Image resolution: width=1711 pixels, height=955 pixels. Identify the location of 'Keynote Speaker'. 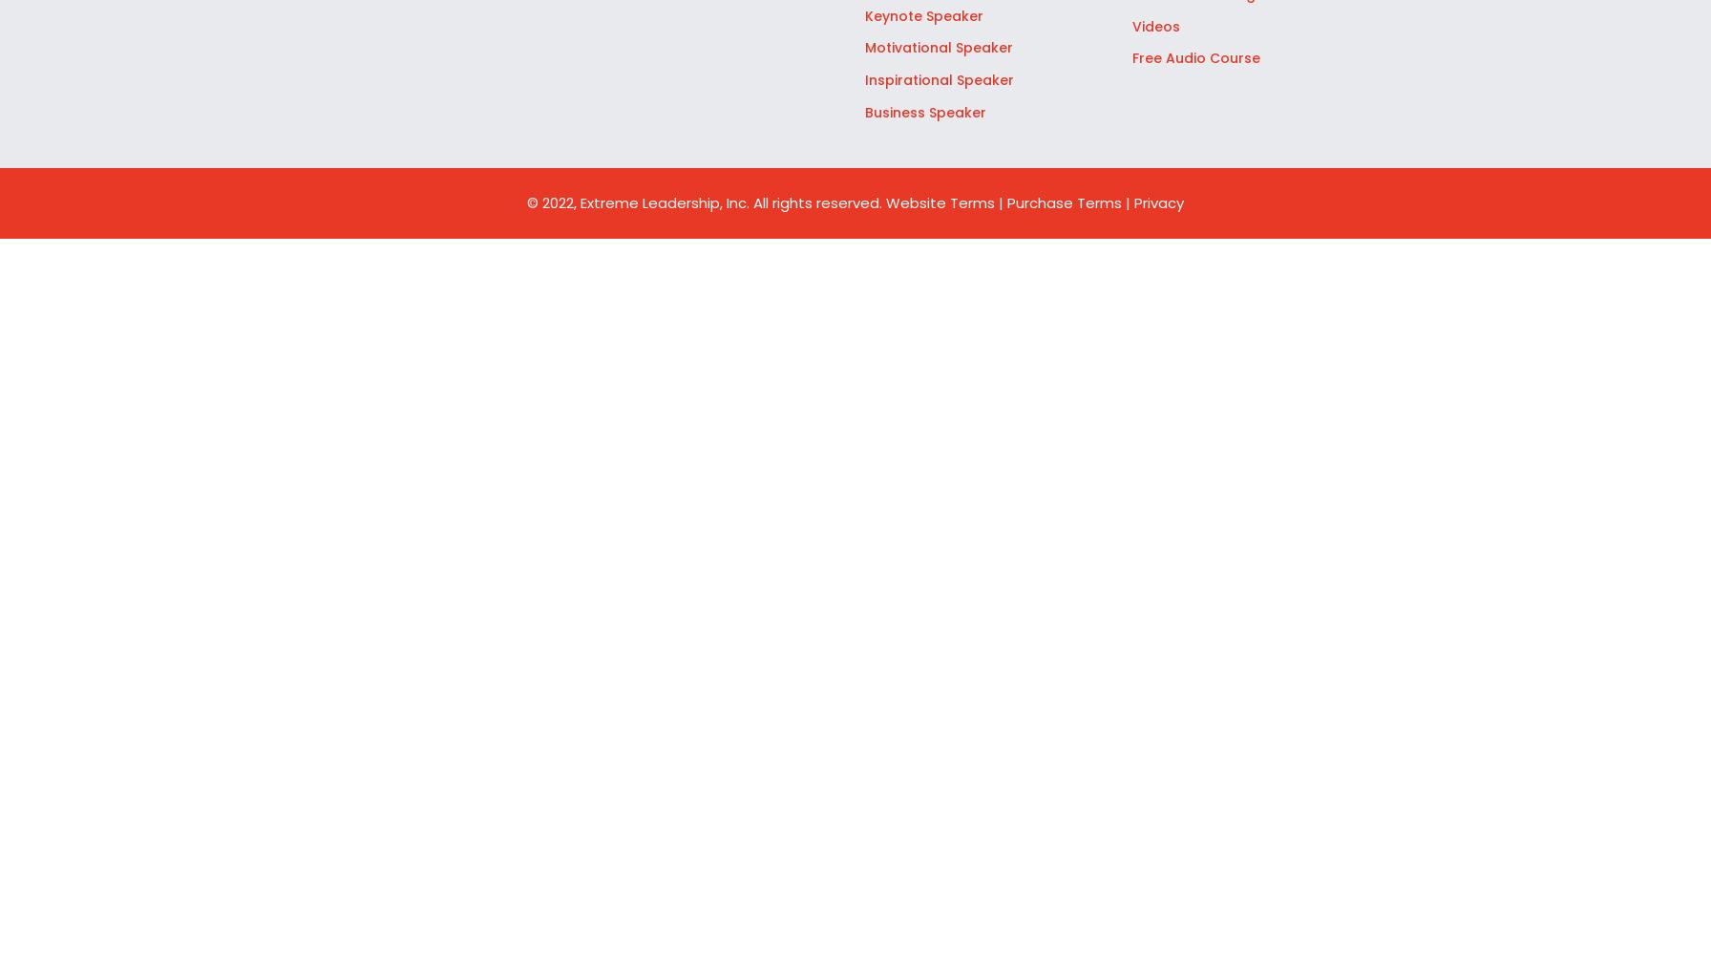
(924, 15).